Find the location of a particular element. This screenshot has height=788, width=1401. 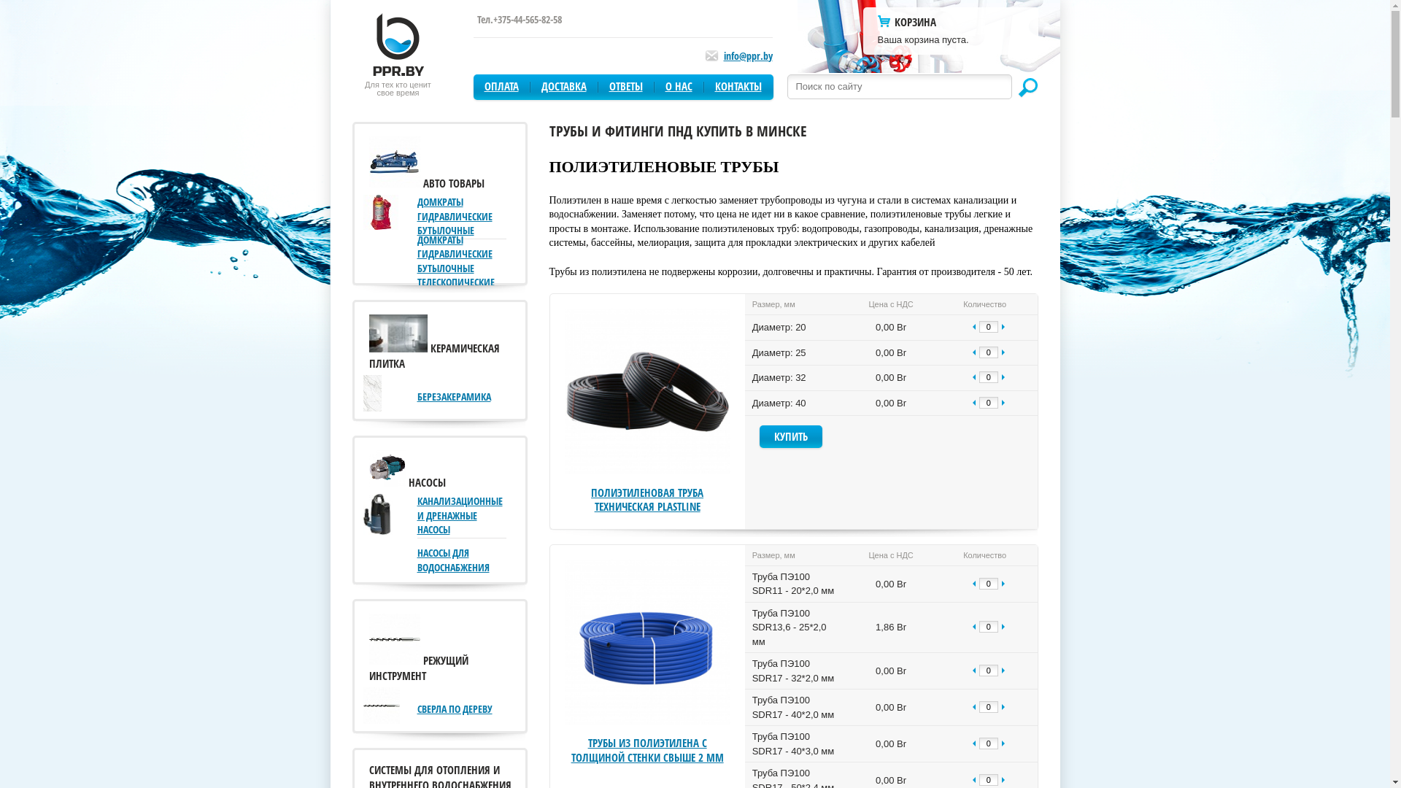

'info@ppr.by' is located at coordinates (748, 54).